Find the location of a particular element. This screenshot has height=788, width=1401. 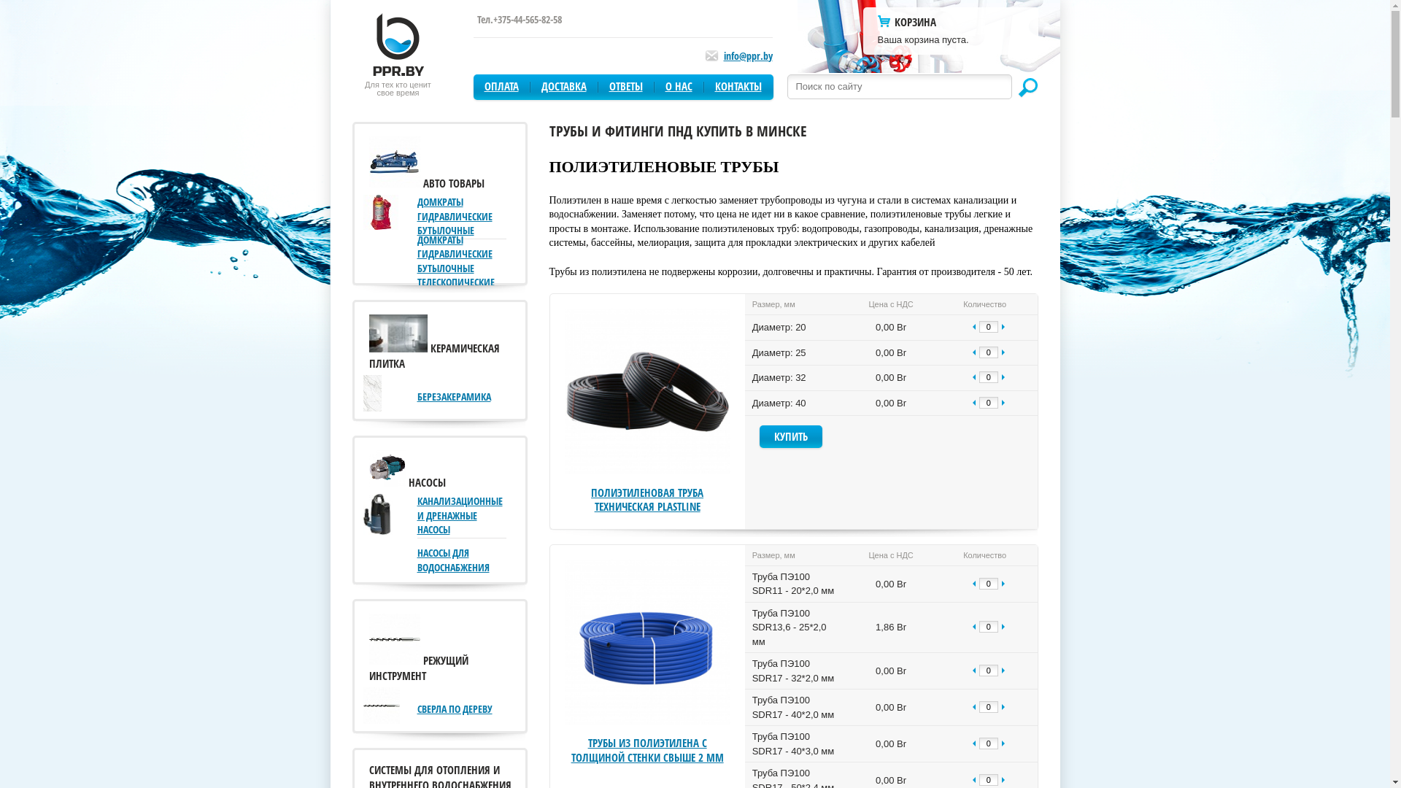

'info@ppr.by' is located at coordinates (748, 54).